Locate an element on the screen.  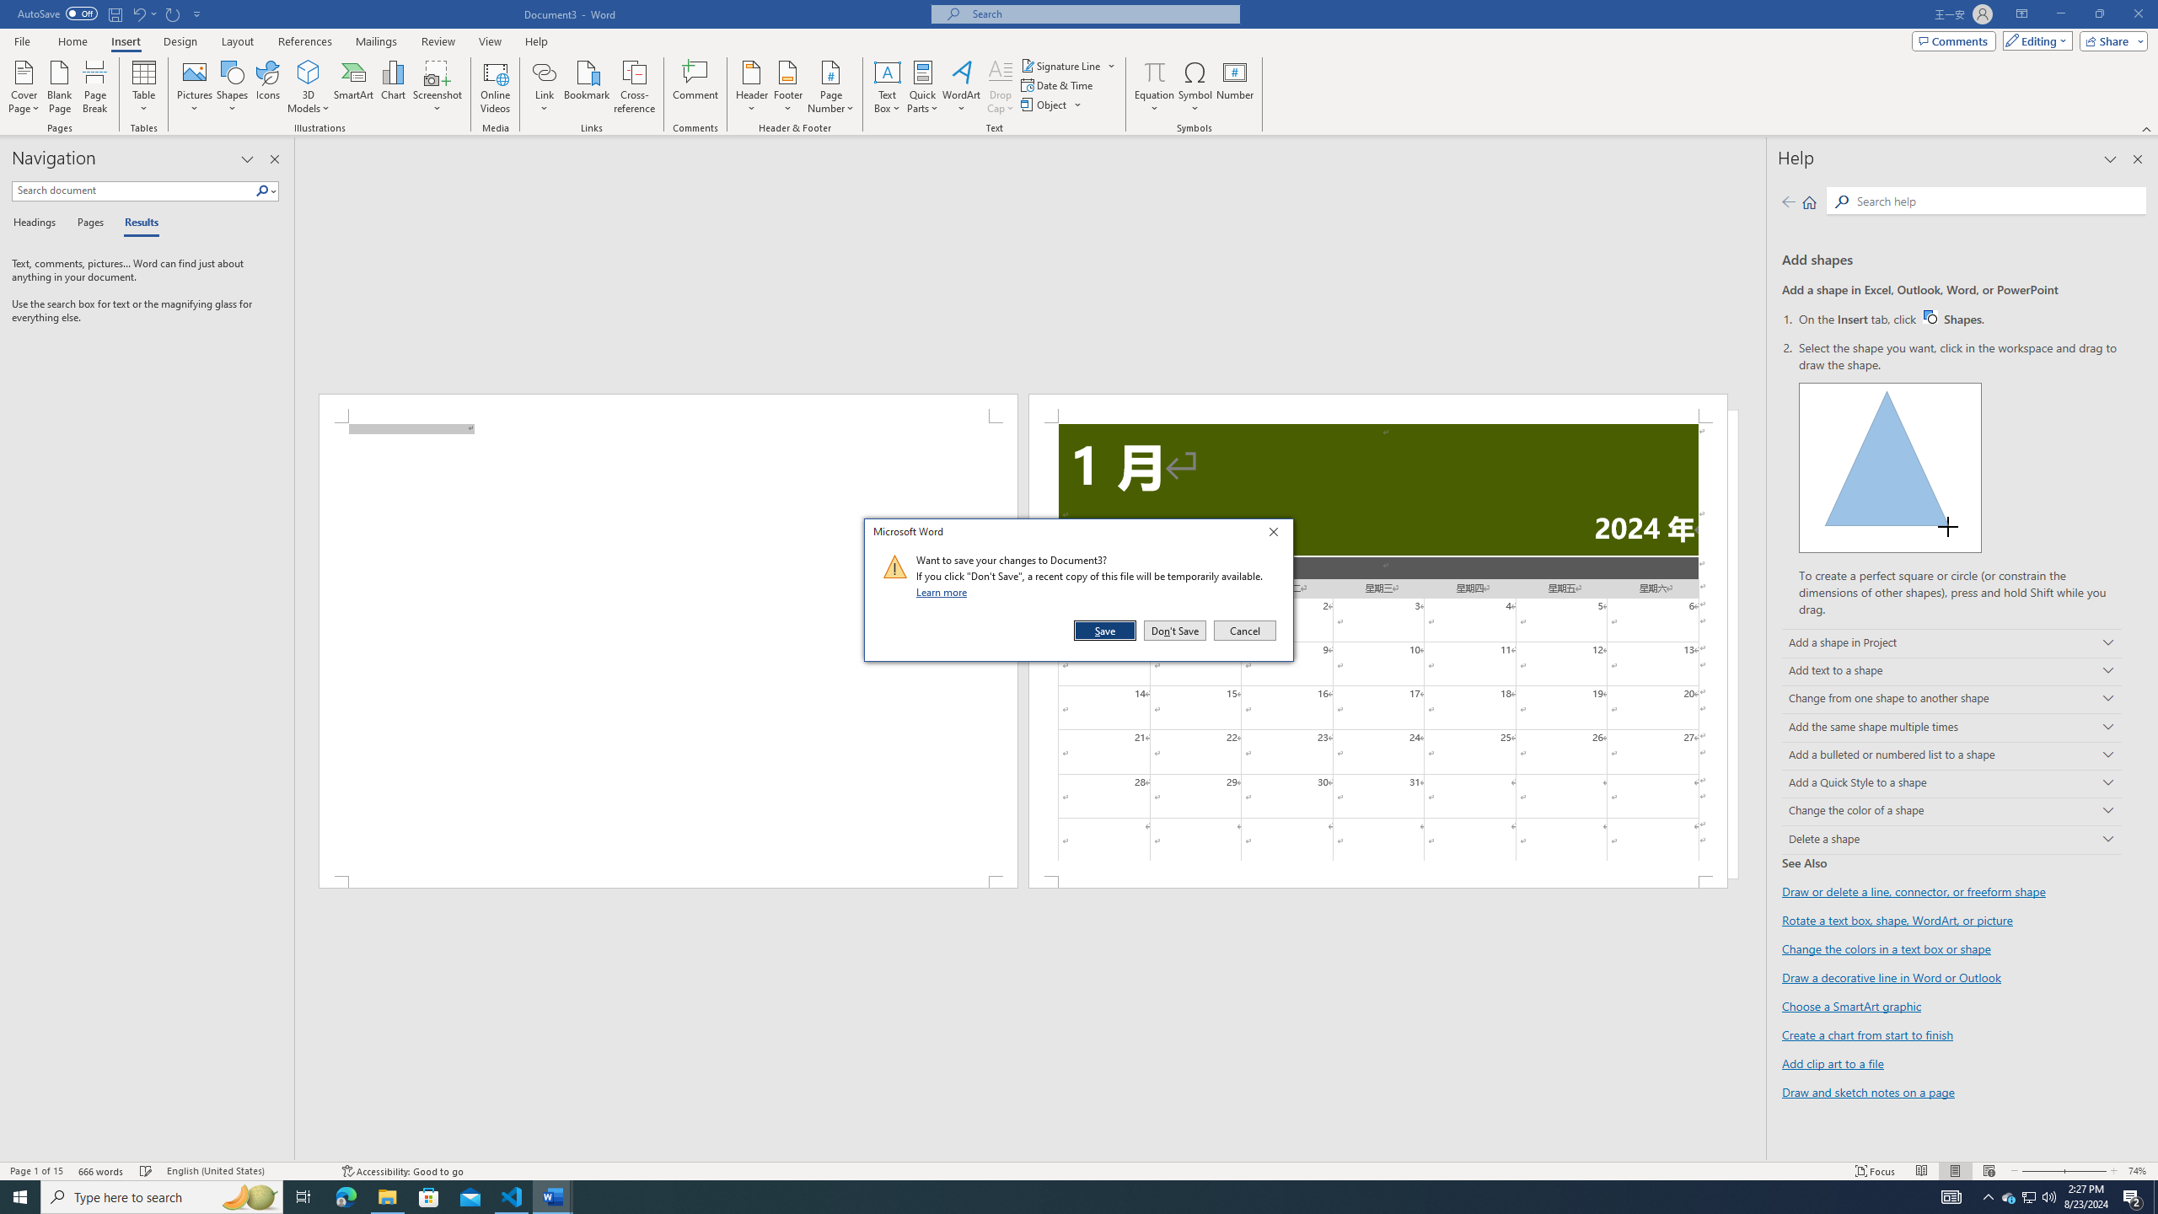
'Delete a shape' is located at coordinates (1951, 839).